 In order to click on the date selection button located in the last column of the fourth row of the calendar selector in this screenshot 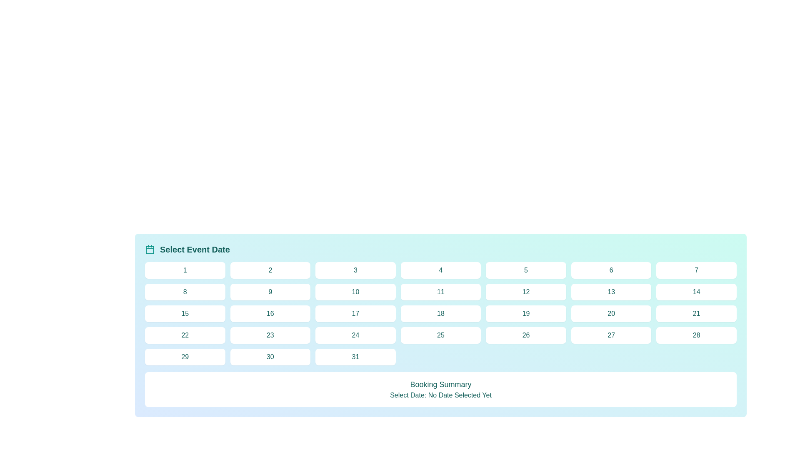, I will do `click(696, 335)`.